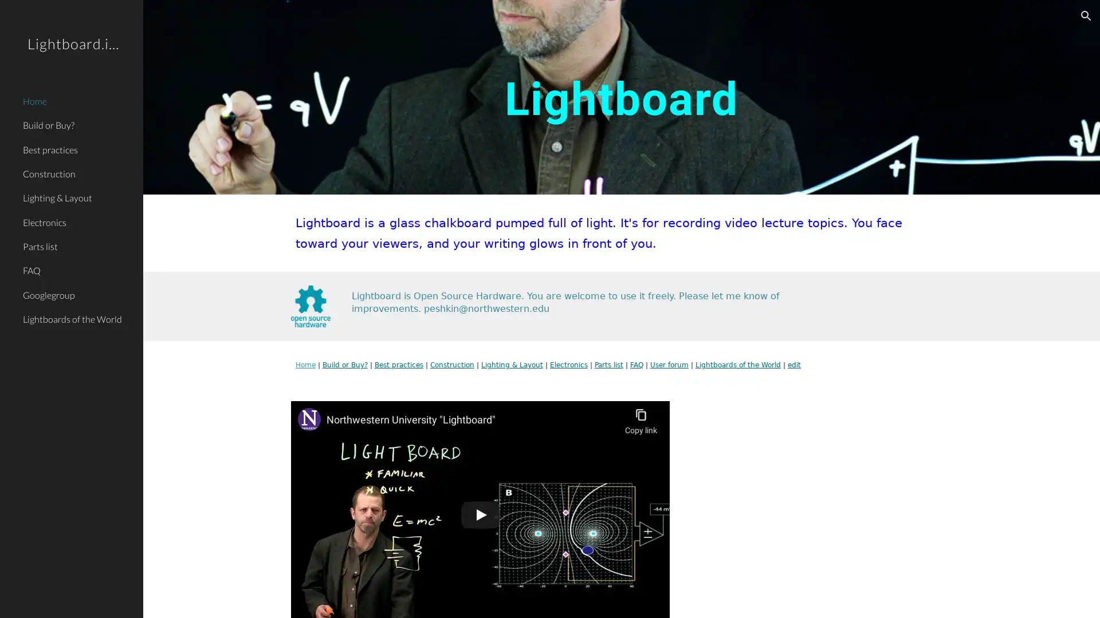 The image size is (1100, 618). What do you see at coordinates (451, 21) in the screenshot?
I see `Skip to main content` at bounding box center [451, 21].